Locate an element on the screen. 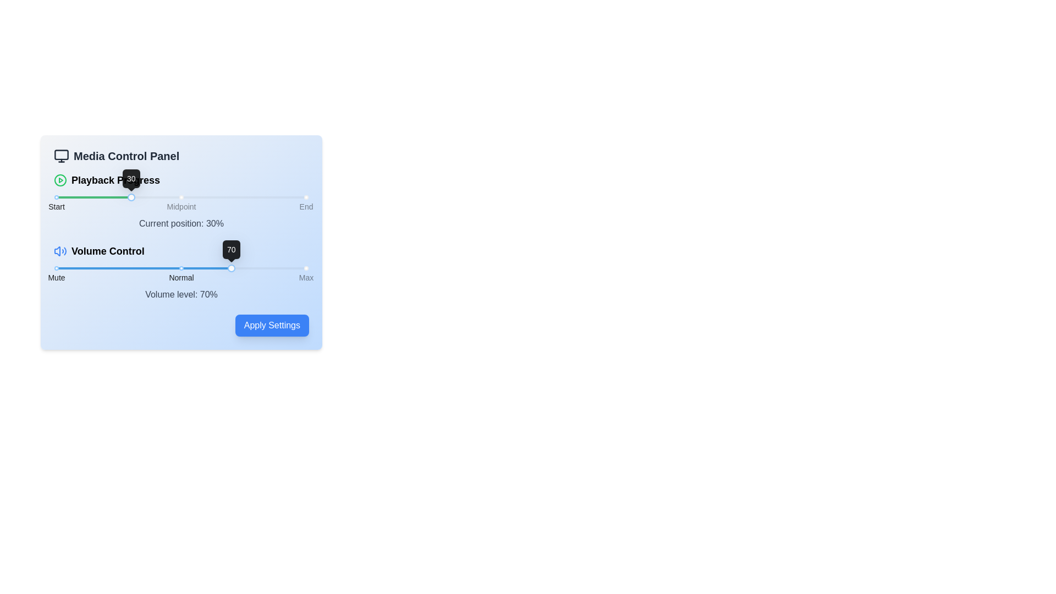 The height and width of the screenshot is (594, 1056). the slider is located at coordinates (114, 268).